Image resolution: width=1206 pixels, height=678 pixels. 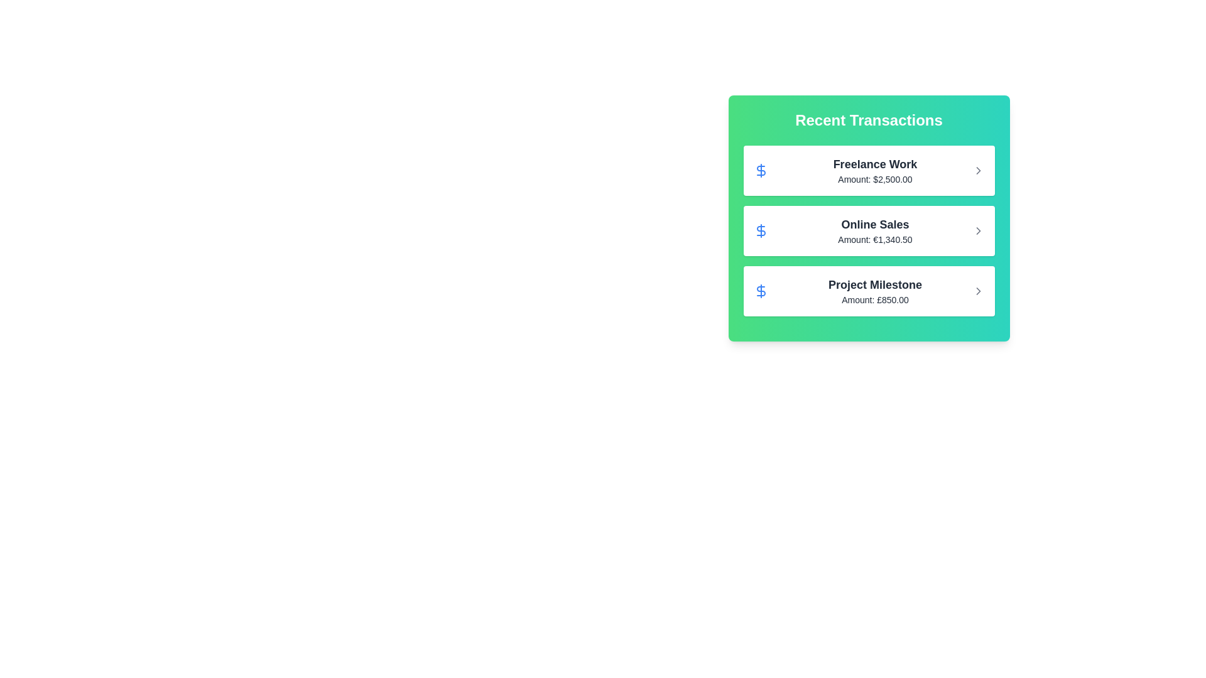 I want to click on monetary amount displayed in the Text label located below 'Project Milestone' in the third item of recent transactions, so click(x=874, y=300).